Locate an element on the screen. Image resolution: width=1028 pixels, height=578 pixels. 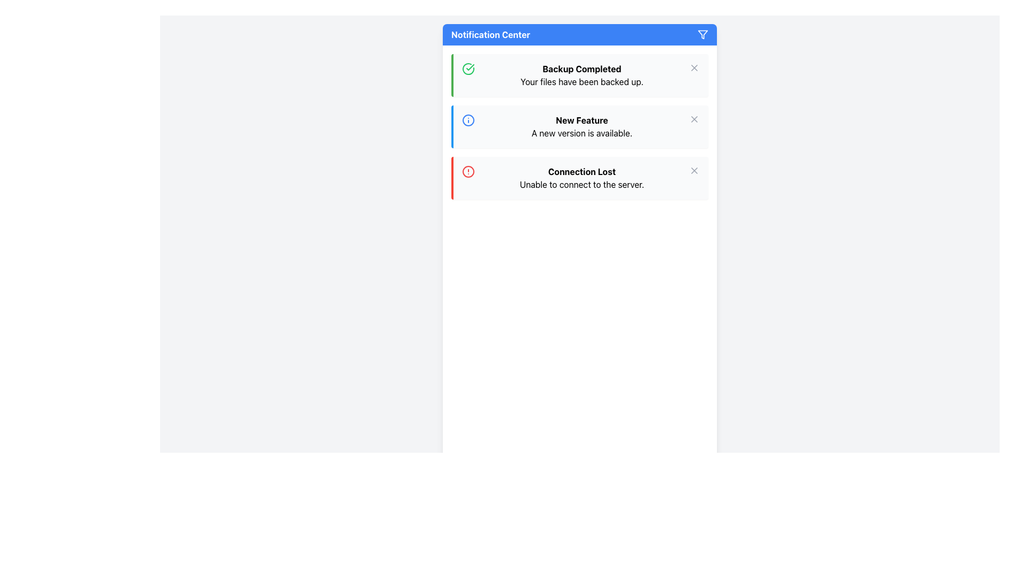
the error message displayed in the third notification card of the notification center panel, which informs the user about a connection issue is located at coordinates (581, 177).